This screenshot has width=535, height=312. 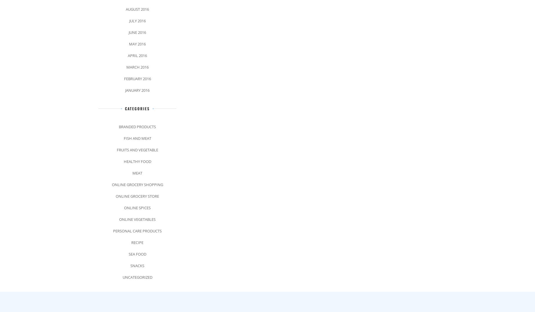 I want to click on 'Online Vegetables', so click(x=137, y=219).